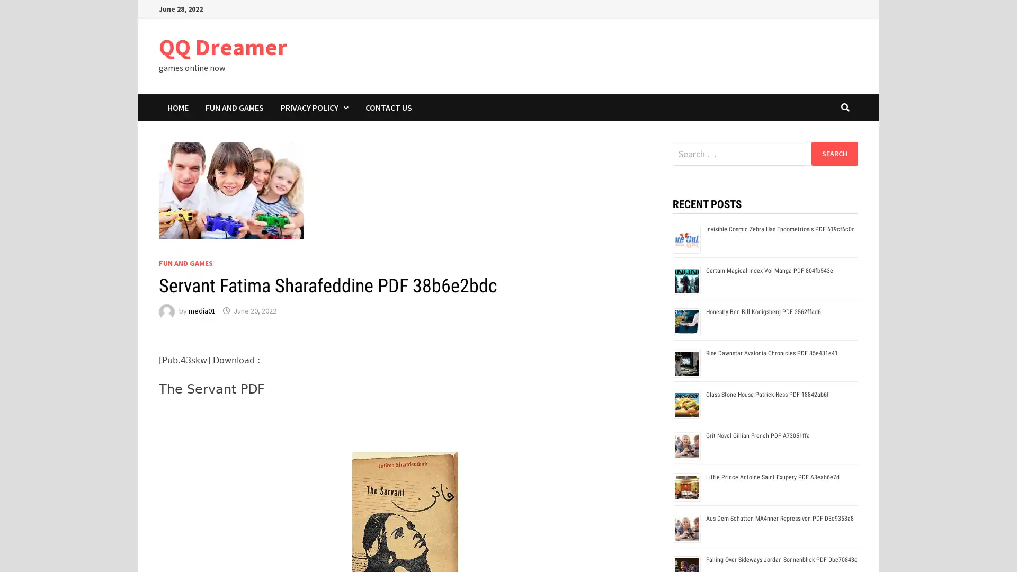 The image size is (1017, 572). Describe the element at coordinates (834, 153) in the screenshot. I see `Search` at that location.